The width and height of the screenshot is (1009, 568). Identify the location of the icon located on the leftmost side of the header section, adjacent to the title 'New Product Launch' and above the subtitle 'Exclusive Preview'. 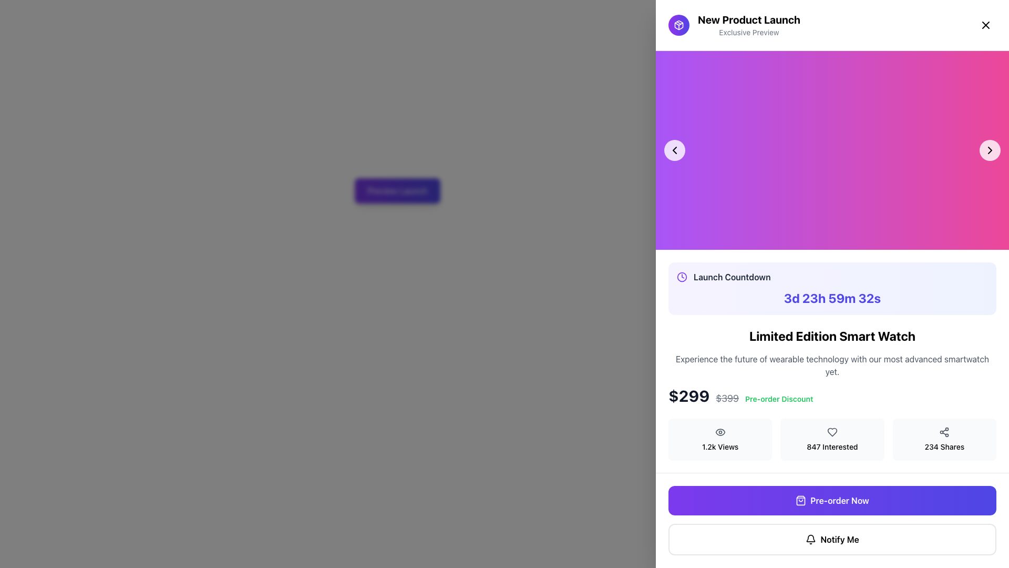
(678, 24).